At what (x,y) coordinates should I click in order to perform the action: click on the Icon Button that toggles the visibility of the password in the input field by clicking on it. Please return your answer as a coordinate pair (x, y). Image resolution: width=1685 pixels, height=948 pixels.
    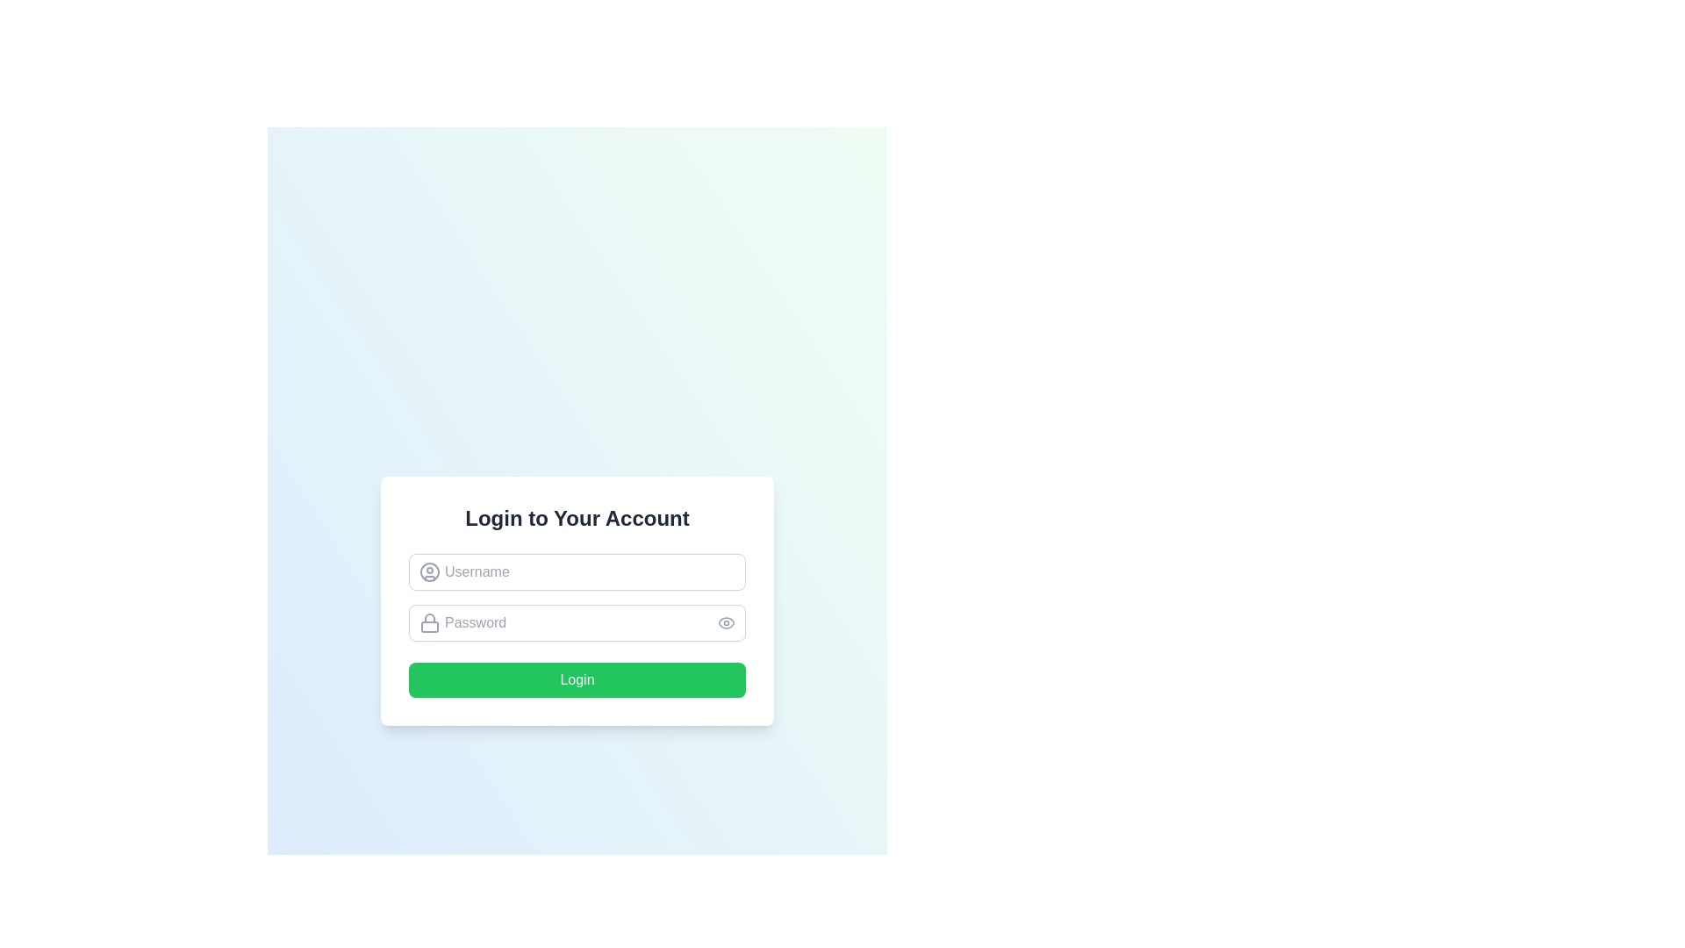
    Looking at the image, I should click on (727, 621).